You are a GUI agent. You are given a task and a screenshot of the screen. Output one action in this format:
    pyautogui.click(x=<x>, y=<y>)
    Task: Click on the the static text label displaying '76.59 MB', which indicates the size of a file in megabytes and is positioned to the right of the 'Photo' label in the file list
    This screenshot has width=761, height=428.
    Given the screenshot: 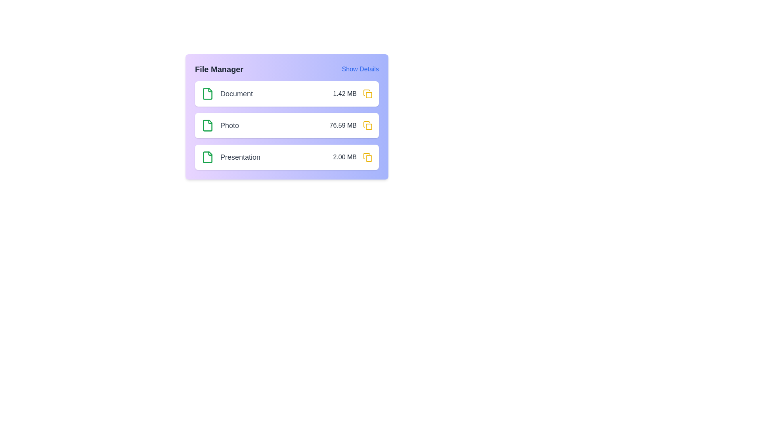 What is the action you would take?
    pyautogui.click(x=343, y=125)
    